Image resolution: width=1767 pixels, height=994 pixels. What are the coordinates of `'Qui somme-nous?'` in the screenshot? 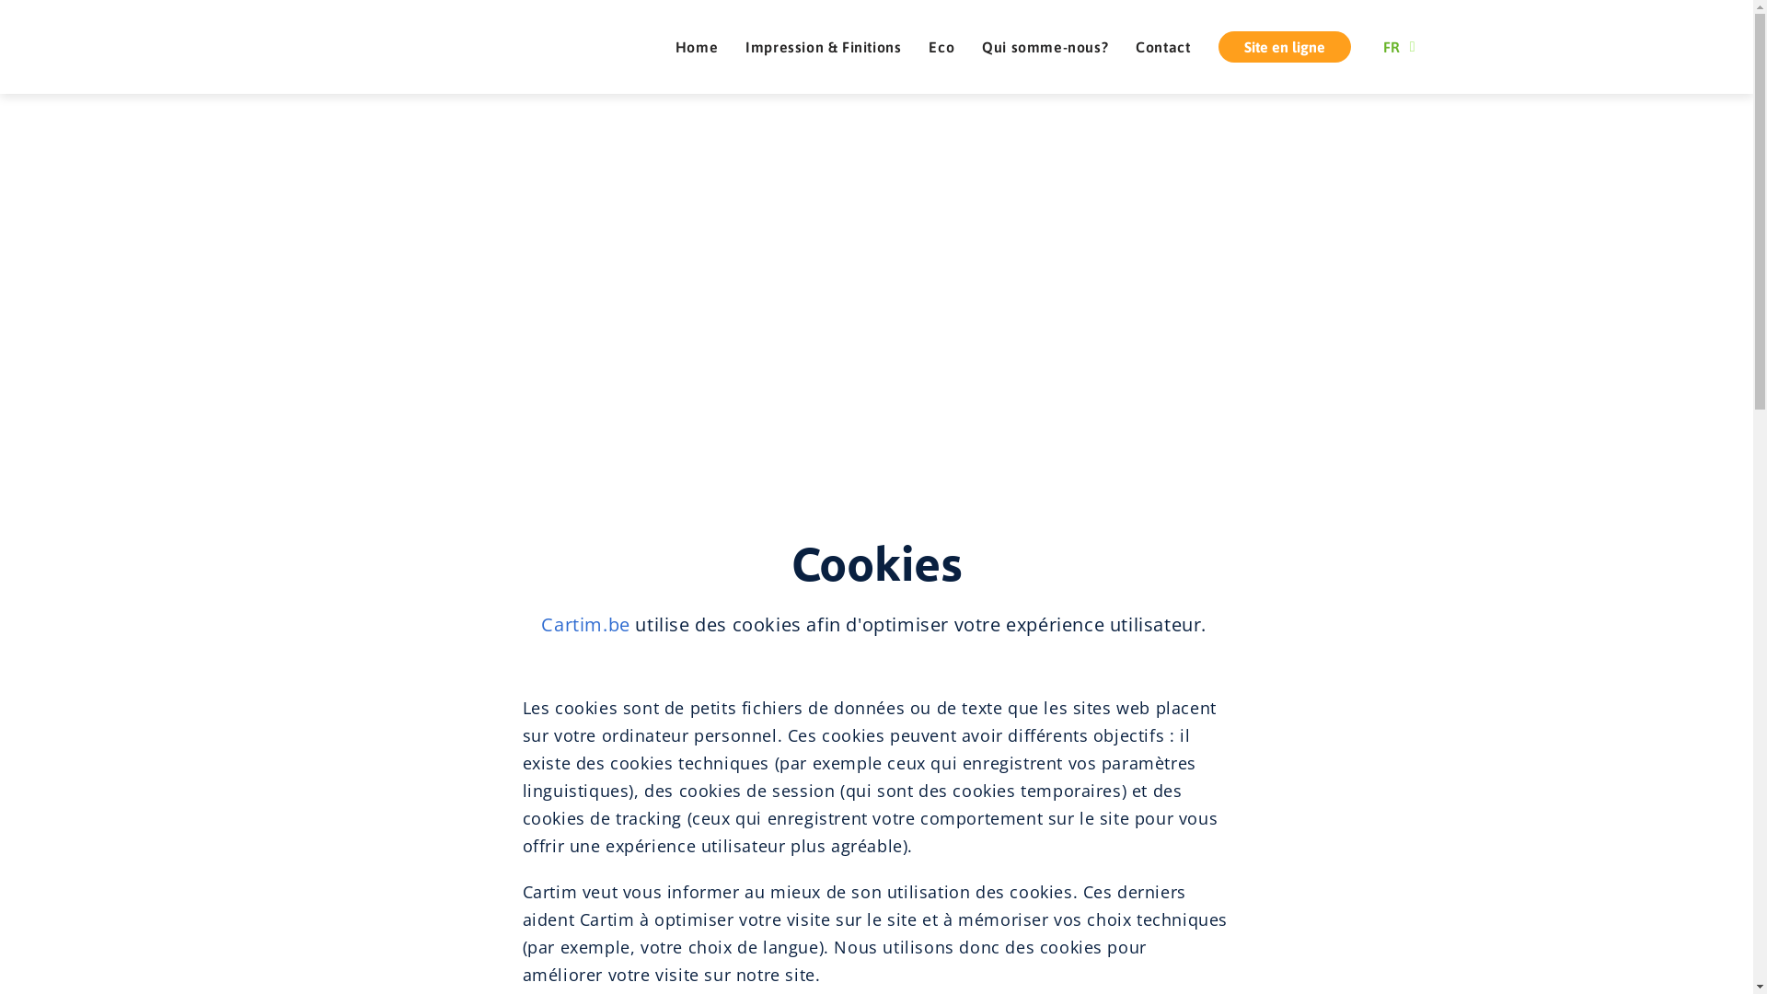 It's located at (1045, 45).